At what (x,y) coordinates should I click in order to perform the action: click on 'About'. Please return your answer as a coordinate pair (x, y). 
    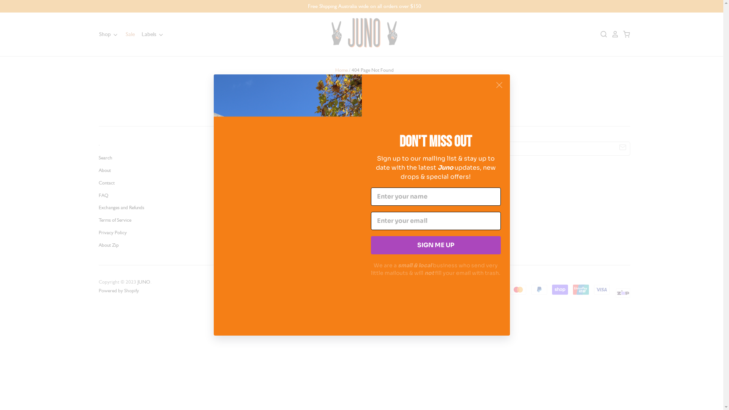
    Looking at the image, I should click on (104, 170).